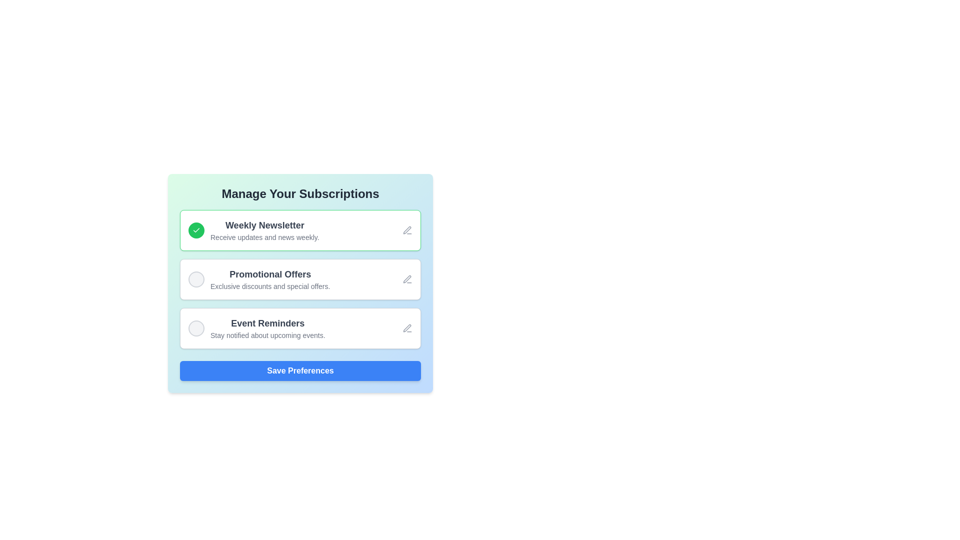 The height and width of the screenshot is (540, 960). I want to click on the 'Event Reminders' label, which is styled with a larger, bold font in dark gray and positioned in a light blue background within the subscription management interface, so click(267, 323).